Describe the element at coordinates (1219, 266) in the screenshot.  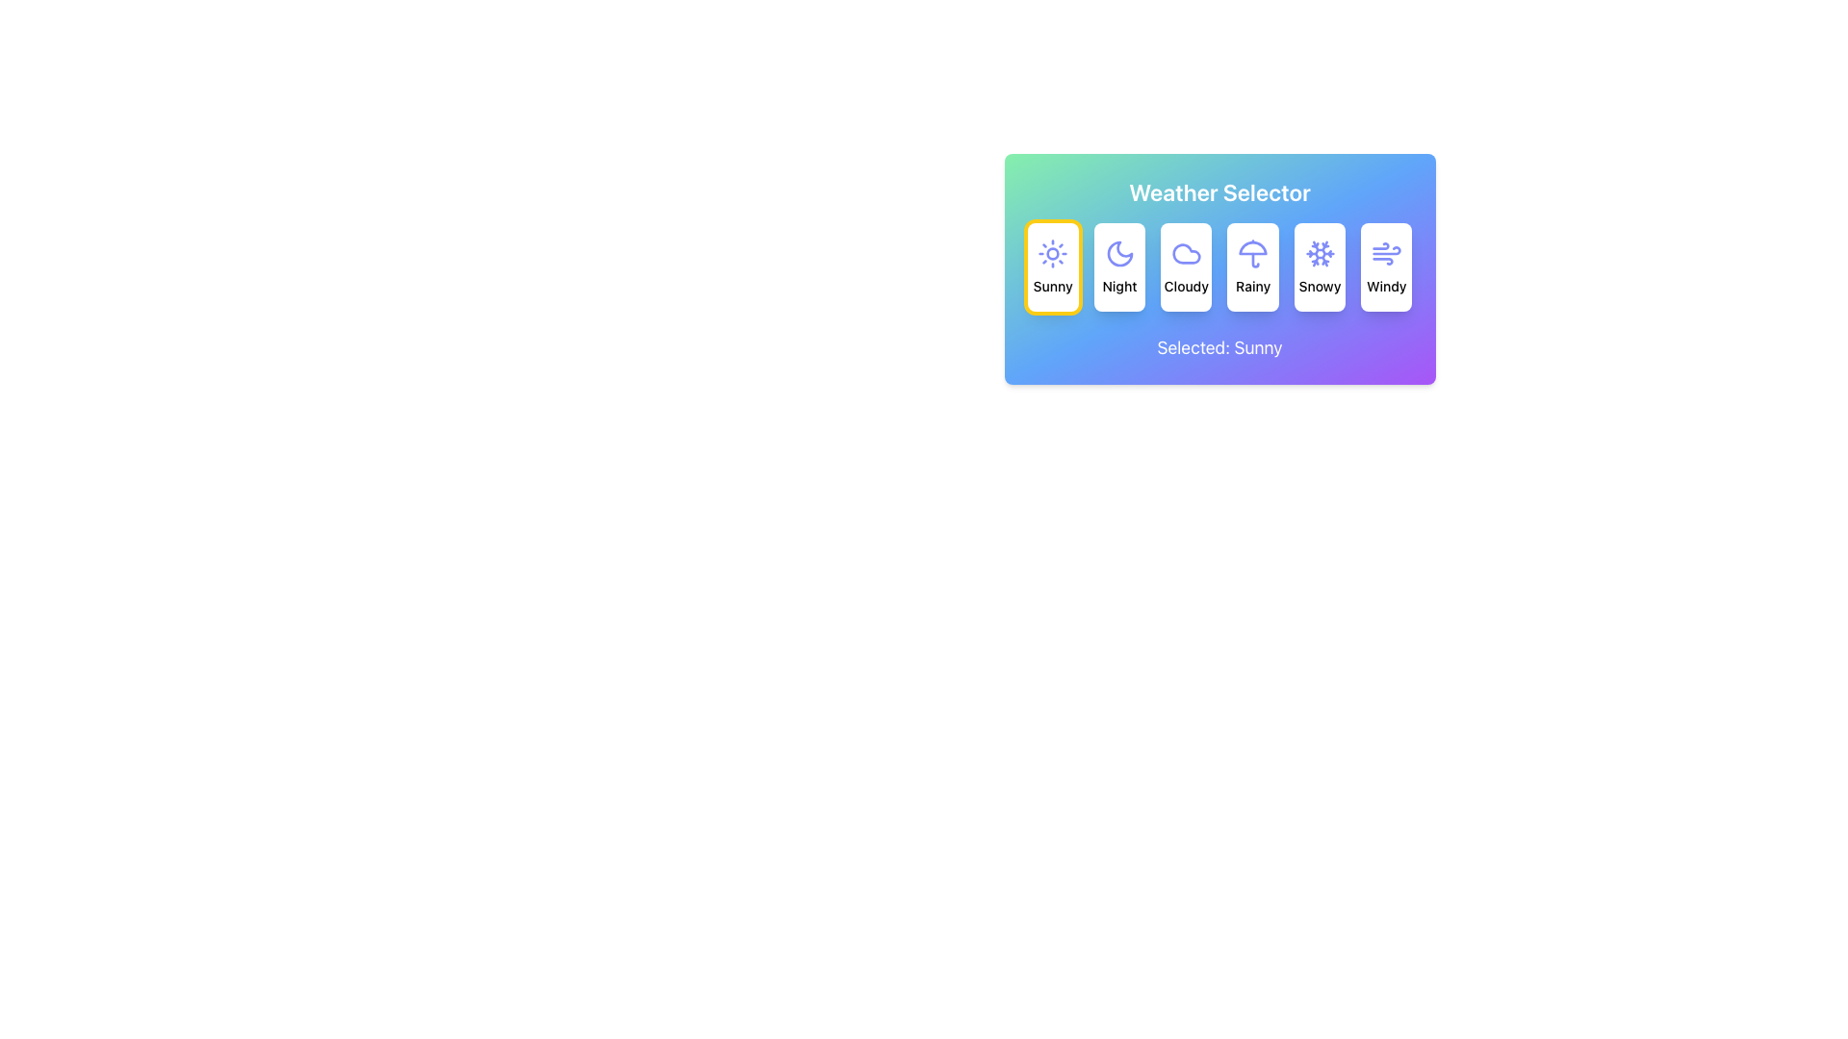
I see `the interactive button for selecting the 'Rainy' weather option` at that location.